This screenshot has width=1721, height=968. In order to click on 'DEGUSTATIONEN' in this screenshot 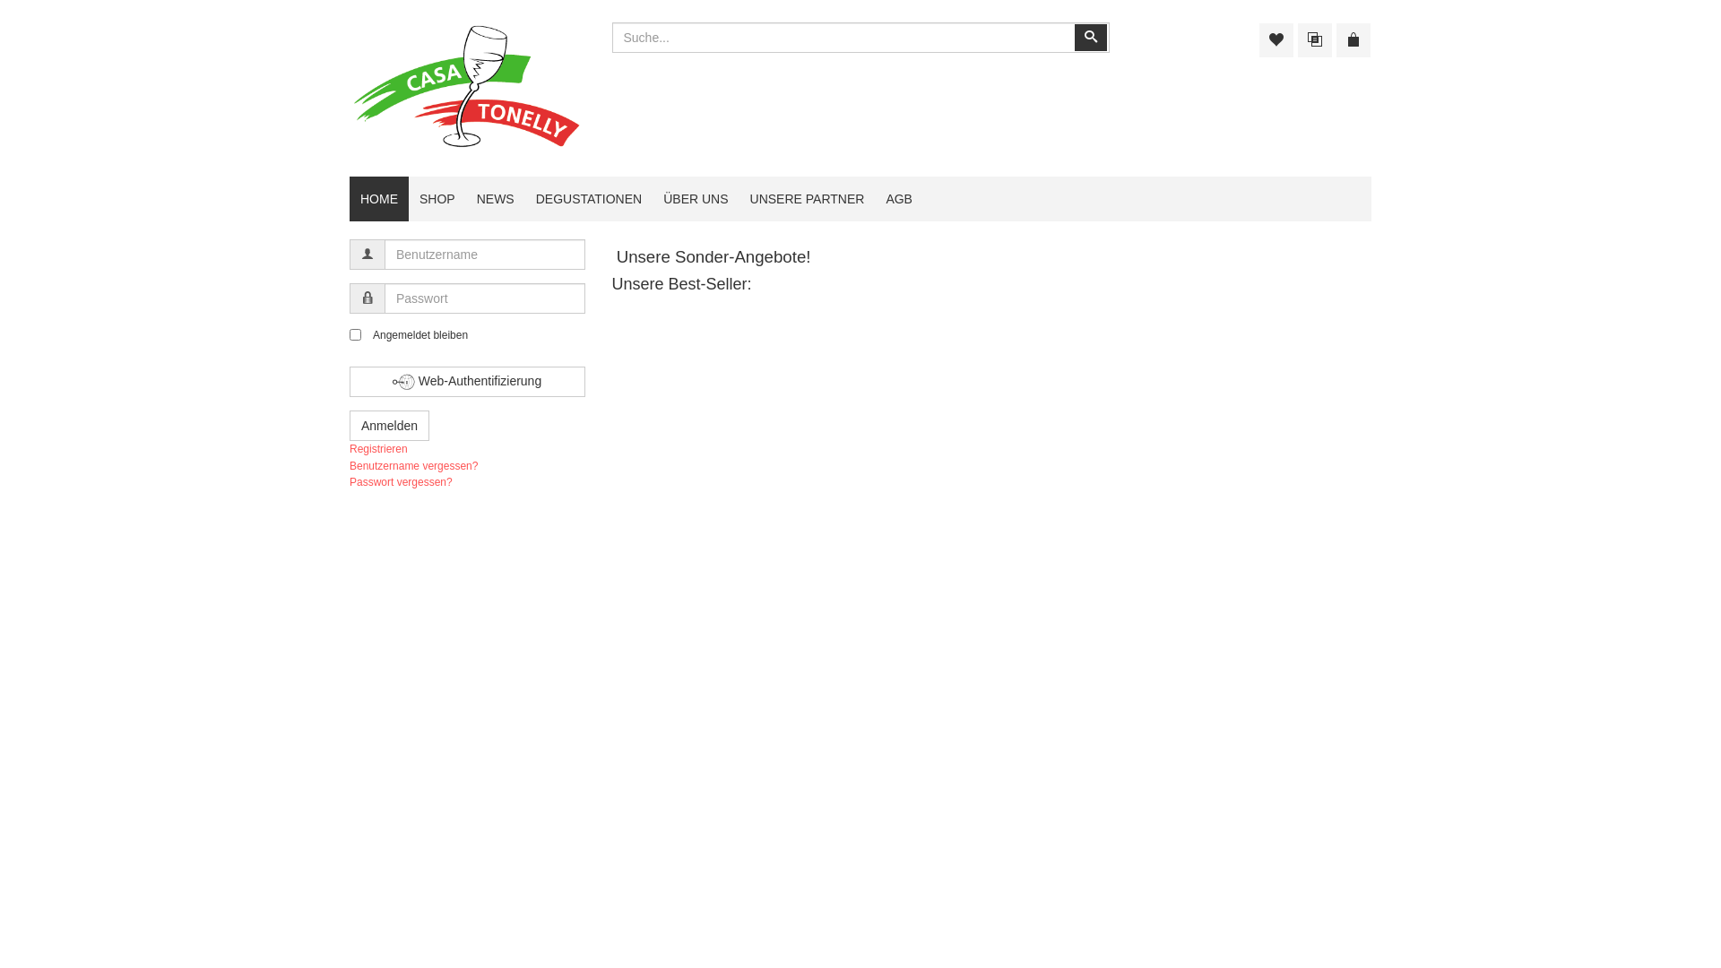, I will do `click(523, 199)`.